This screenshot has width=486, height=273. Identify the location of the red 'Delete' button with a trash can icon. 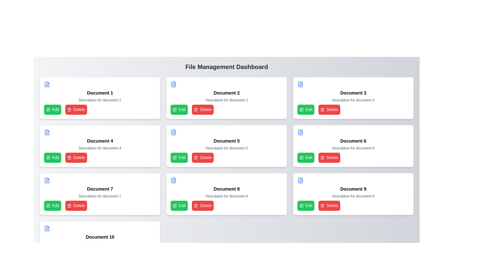
(203, 157).